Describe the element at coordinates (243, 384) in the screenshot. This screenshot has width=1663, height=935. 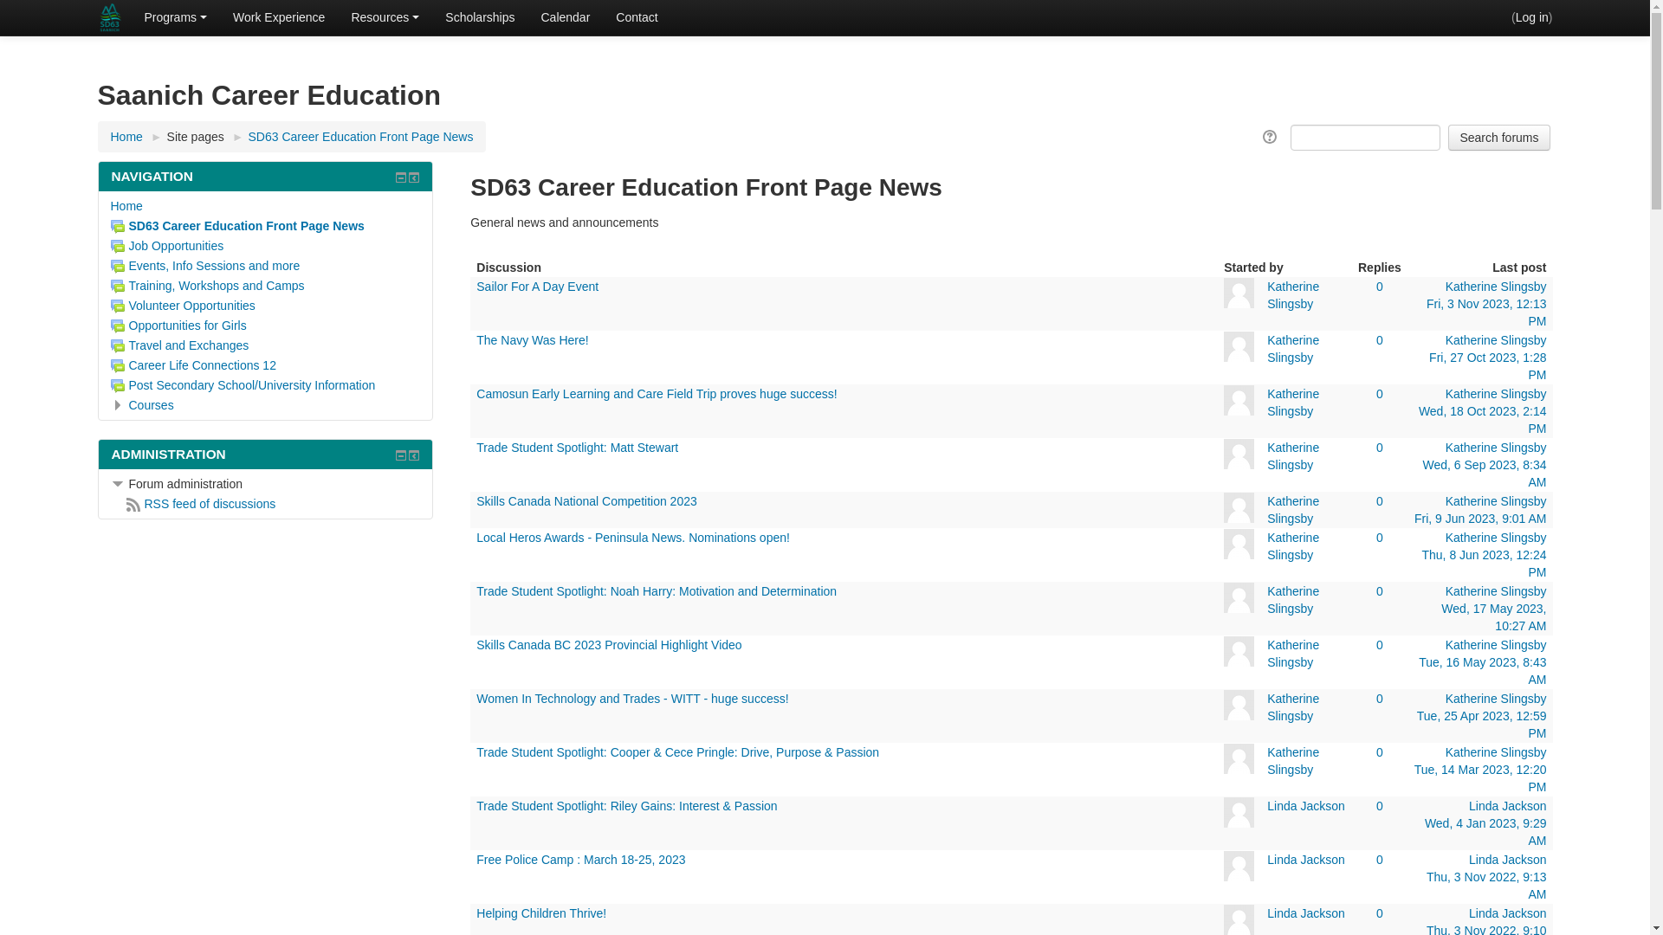
I see `'Post Secondary School/University Information'` at that location.